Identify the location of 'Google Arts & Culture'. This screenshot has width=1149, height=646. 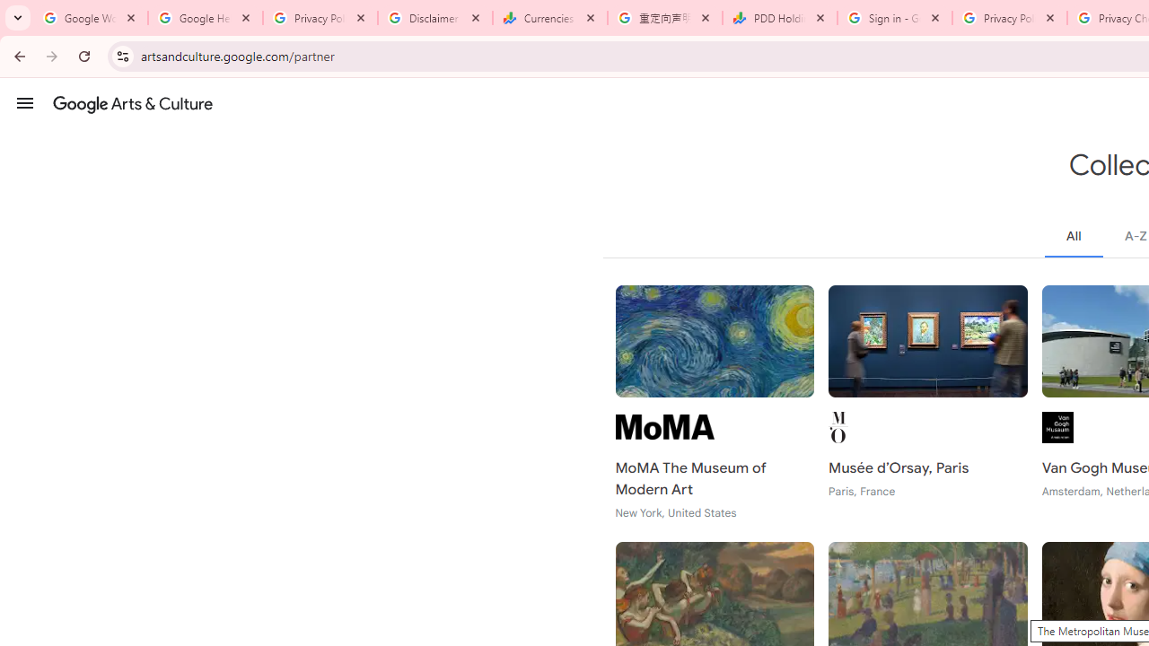
(132, 103).